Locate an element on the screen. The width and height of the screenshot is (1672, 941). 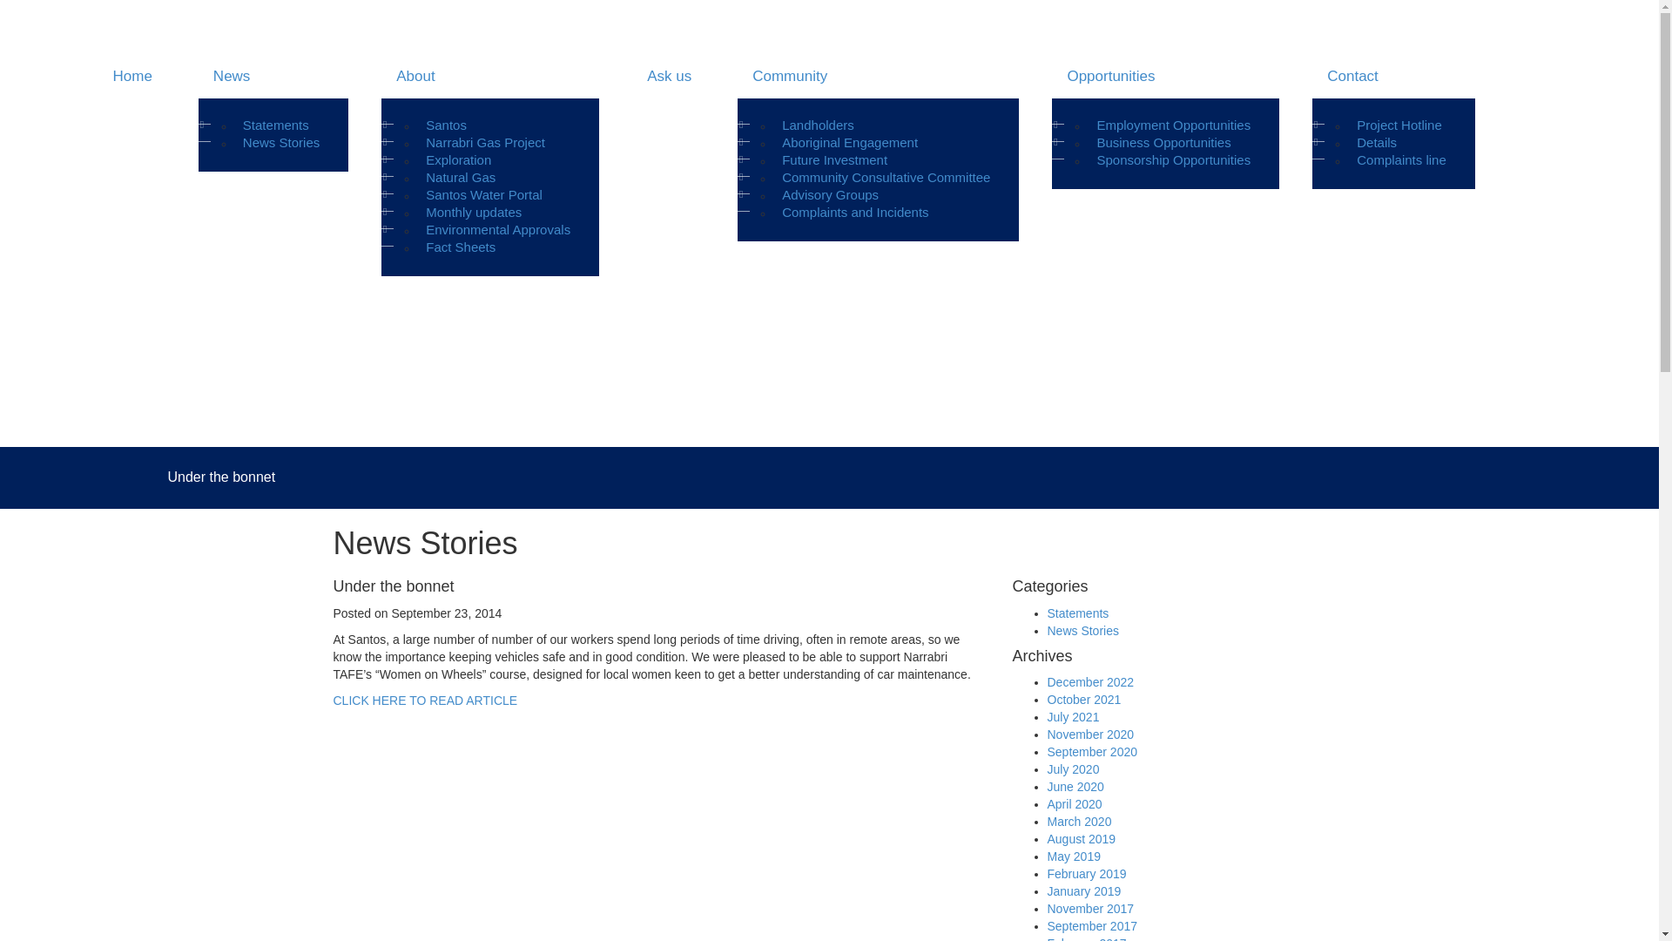
'Narrabri Gas Project' is located at coordinates (485, 142).